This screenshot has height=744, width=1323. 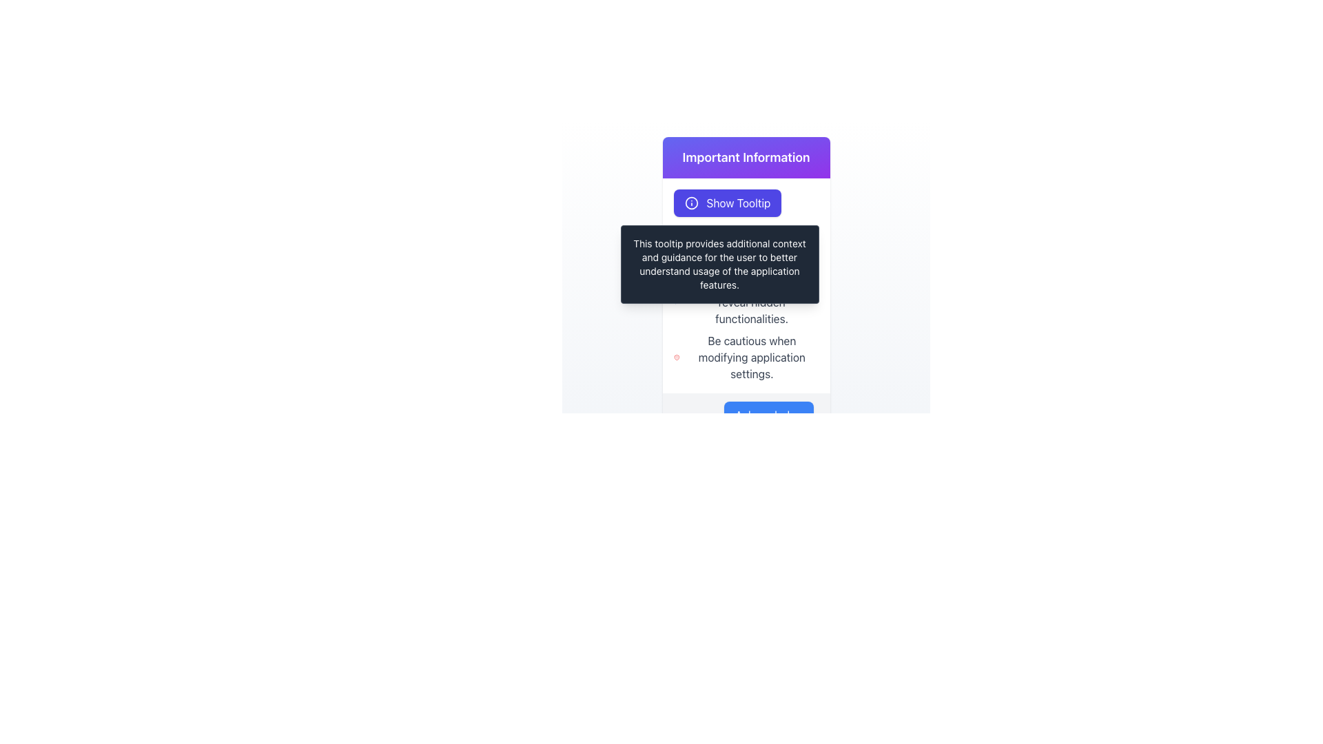 I want to click on the Circle SVG element situated within the 'Show Tooltip' button, which has a blue background and is located beneath the 'Important Information' title, so click(x=691, y=203).